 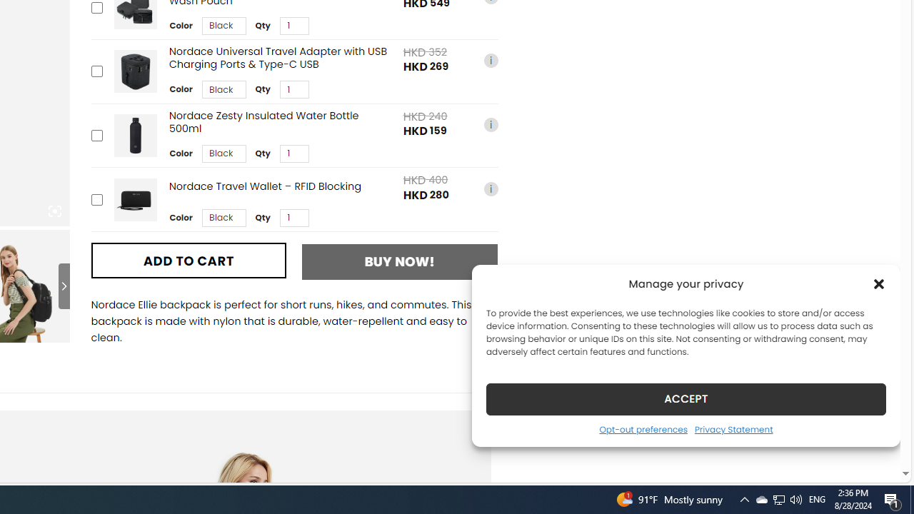 I want to click on 'Class: iconic-woothumbs-fullscreen', so click(x=54, y=211).